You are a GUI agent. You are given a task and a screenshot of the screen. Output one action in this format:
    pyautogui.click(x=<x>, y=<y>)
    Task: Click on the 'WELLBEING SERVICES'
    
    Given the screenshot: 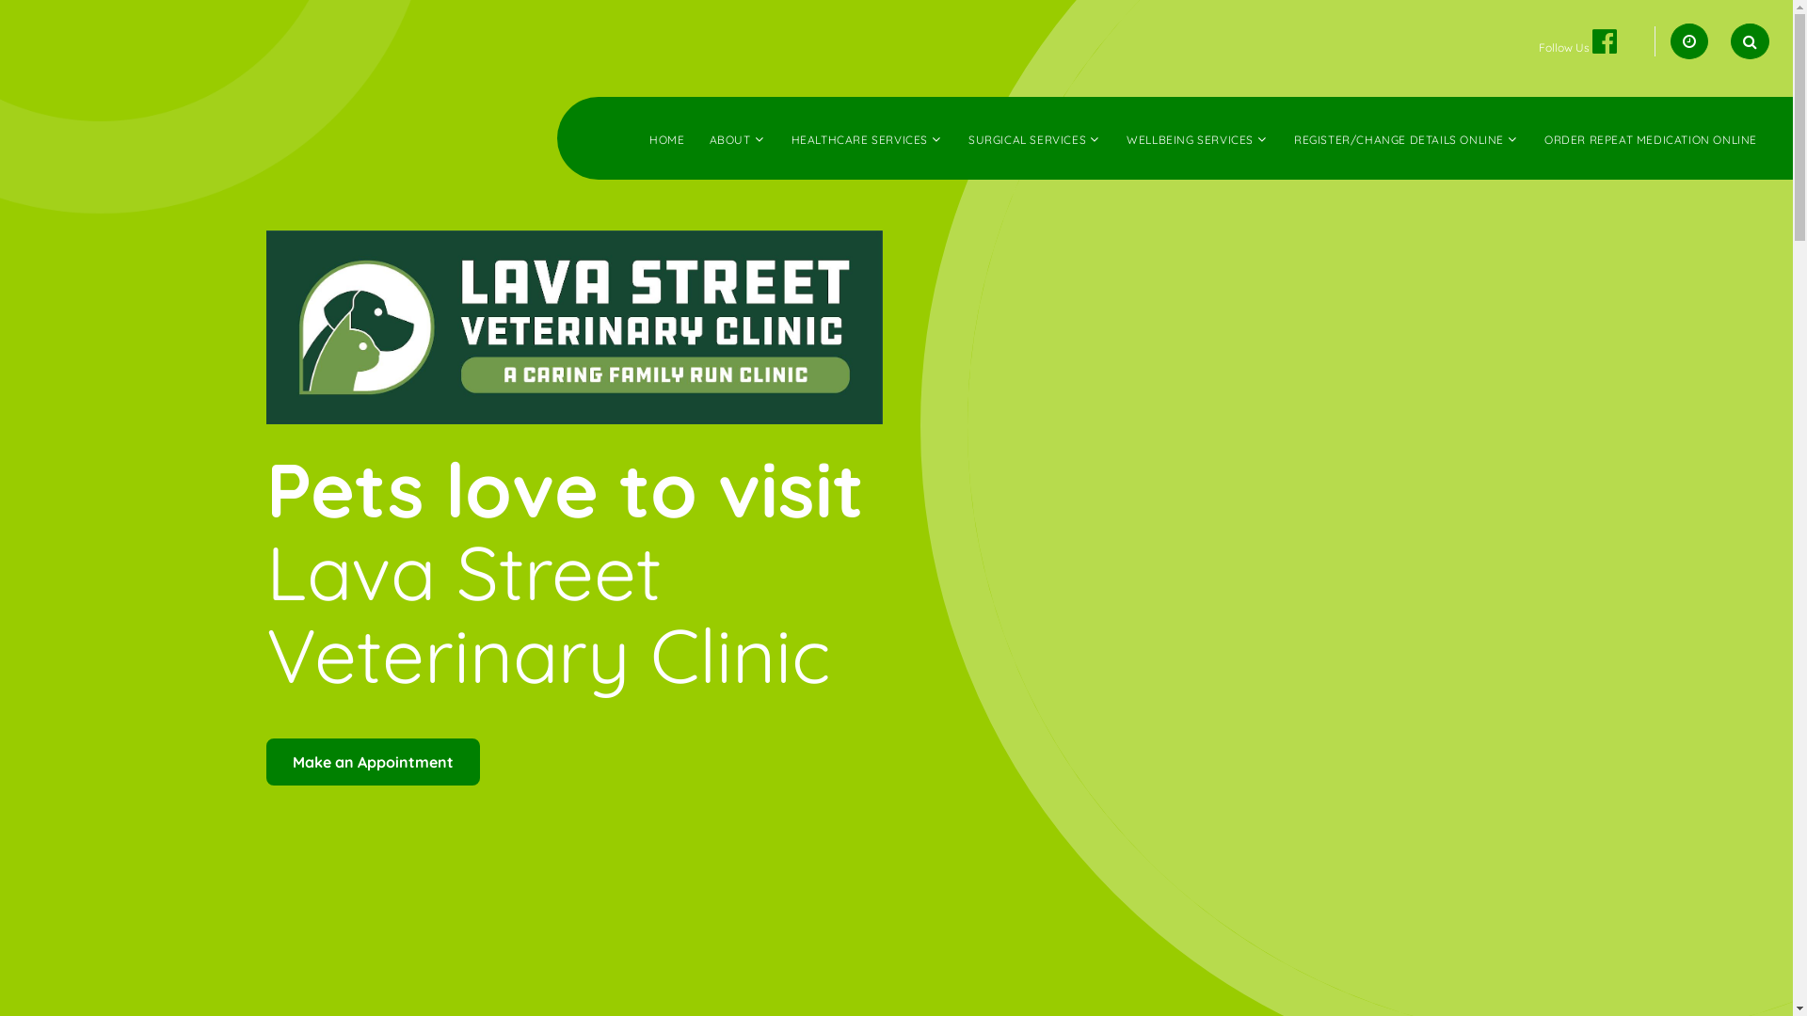 What is the action you would take?
    pyautogui.click(x=1189, y=138)
    